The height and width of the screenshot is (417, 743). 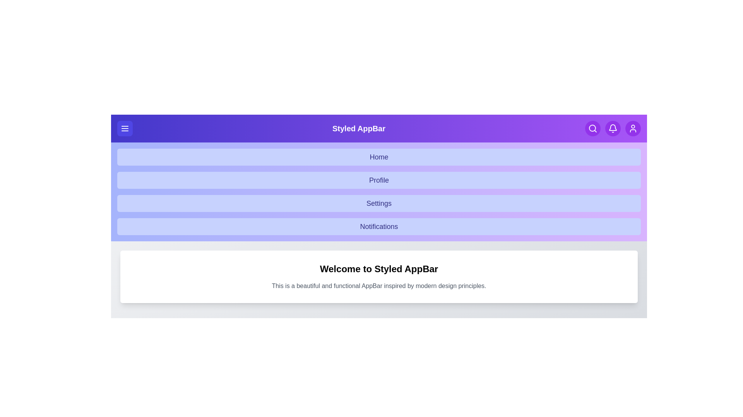 I want to click on the notifications button (bell icon) to access notifications, so click(x=613, y=128).